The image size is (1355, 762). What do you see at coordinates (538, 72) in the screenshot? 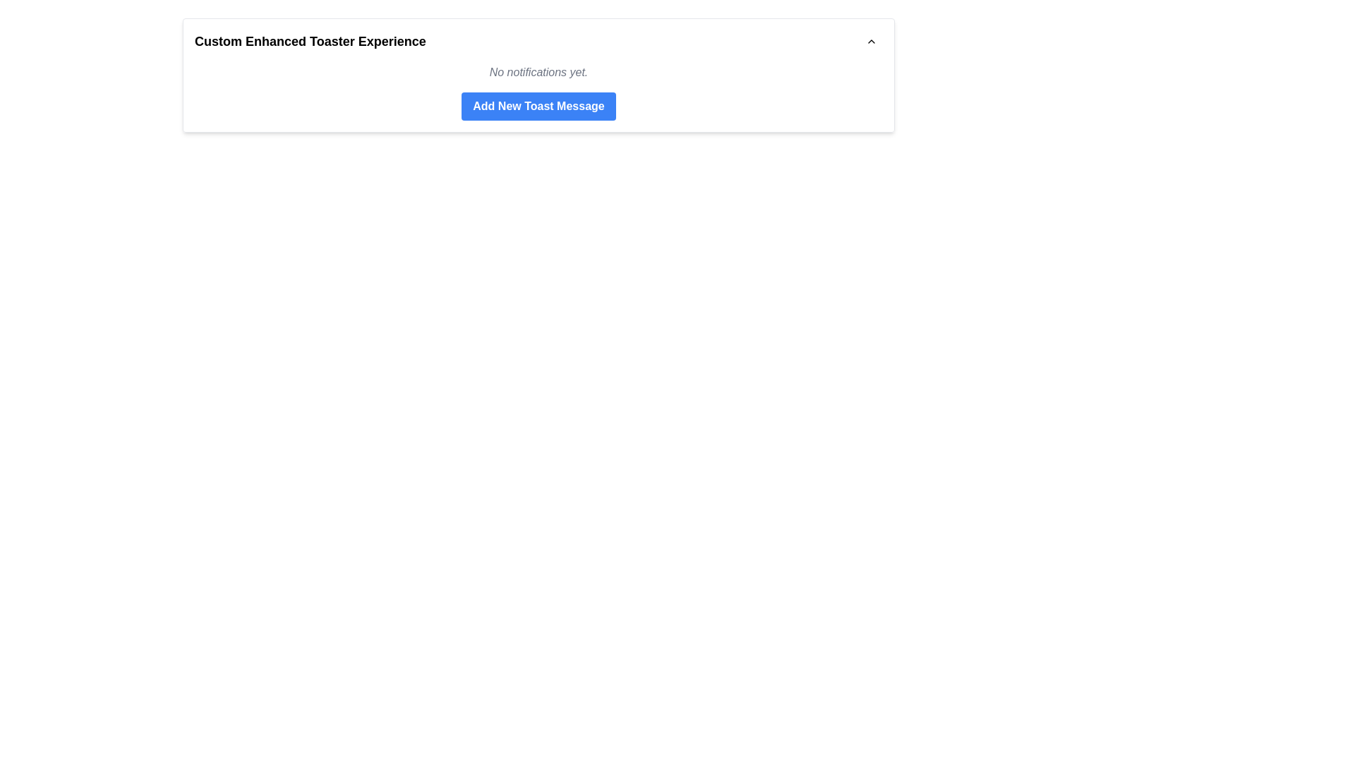
I see `the text element that displays 'No notifications yet.' styled in light gray italic font, located at the top central part of the application above the 'Add New Toast Message' button` at bounding box center [538, 72].